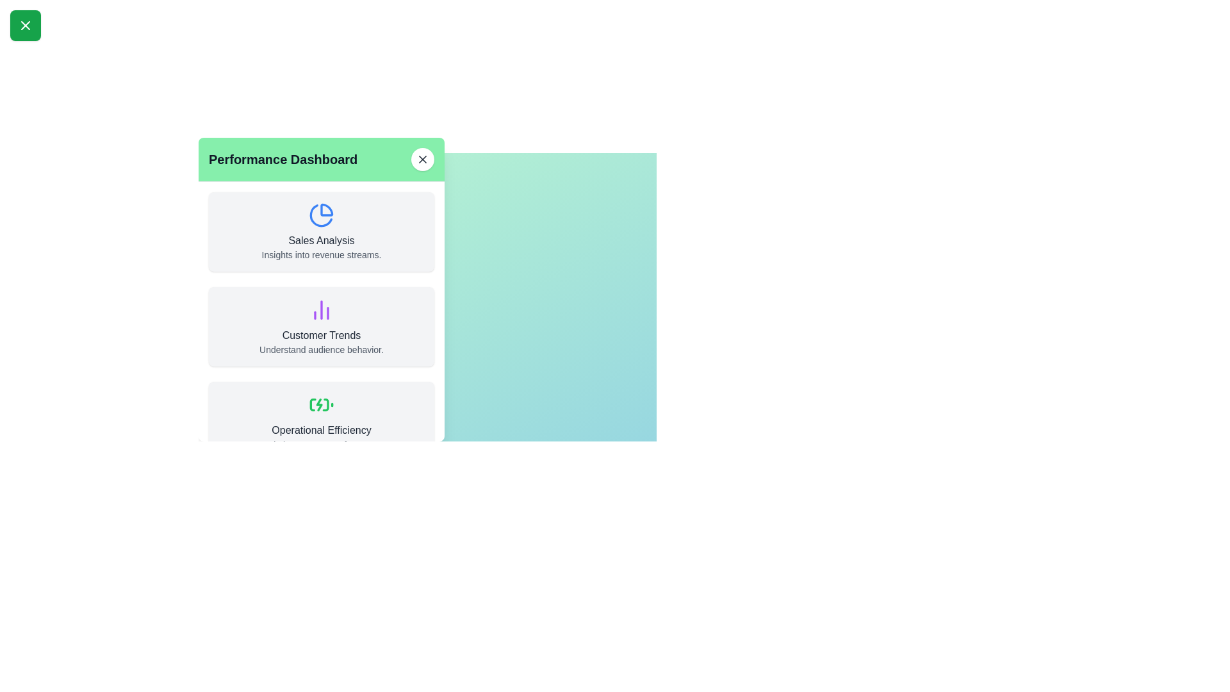 Image resolution: width=1230 pixels, height=692 pixels. Describe the element at coordinates (423, 159) in the screenshot. I see `the 'X' shaped close icon in the top right corner of the 'Performance Dashboard' header` at that location.